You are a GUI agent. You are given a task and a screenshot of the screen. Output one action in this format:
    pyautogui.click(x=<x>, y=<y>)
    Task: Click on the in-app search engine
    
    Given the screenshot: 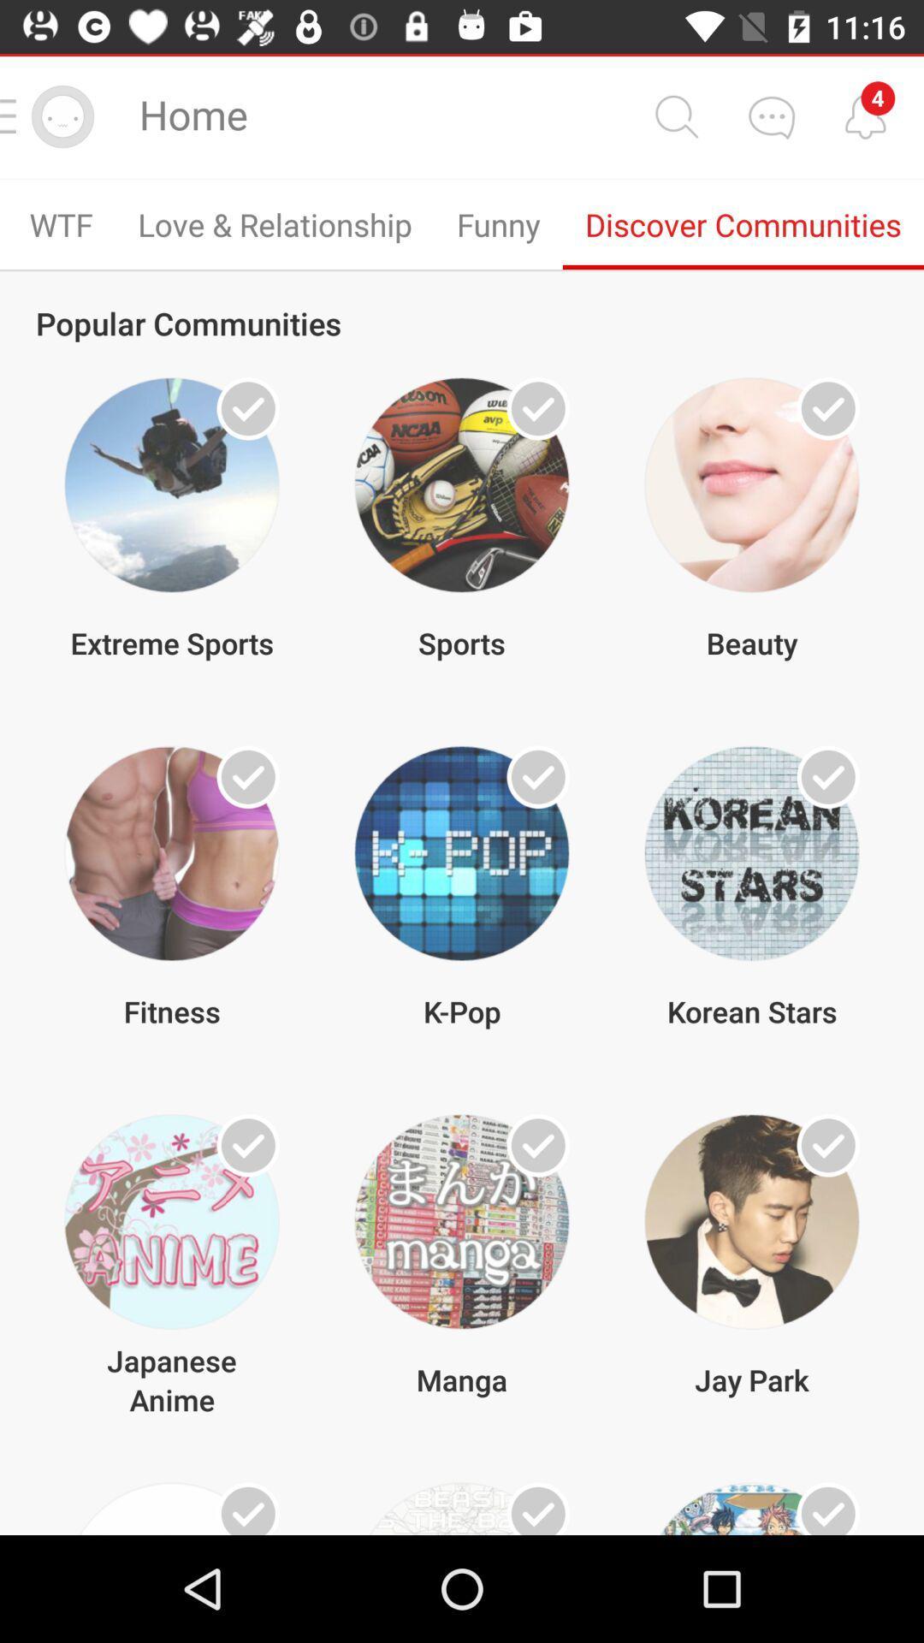 What is the action you would take?
    pyautogui.click(x=675, y=116)
    